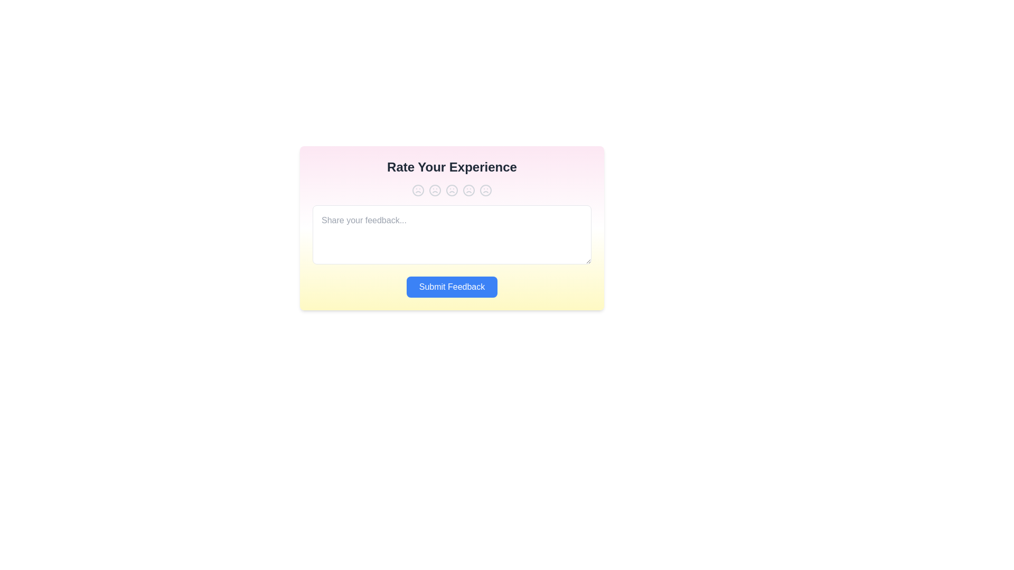 This screenshot has height=570, width=1014. I want to click on the experience rating to 5 by clicking the corresponding button, so click(485, 191).